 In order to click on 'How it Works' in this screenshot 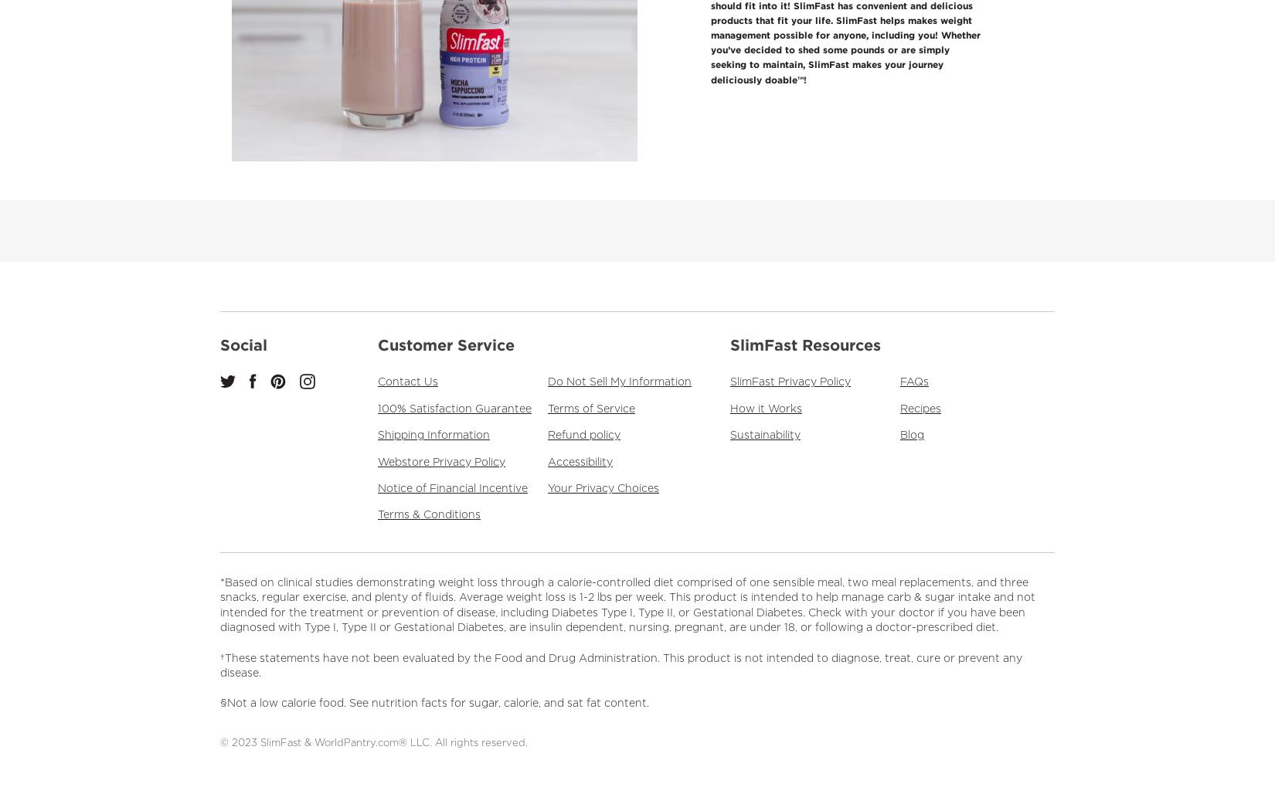, I will do `click(729, 409)`.